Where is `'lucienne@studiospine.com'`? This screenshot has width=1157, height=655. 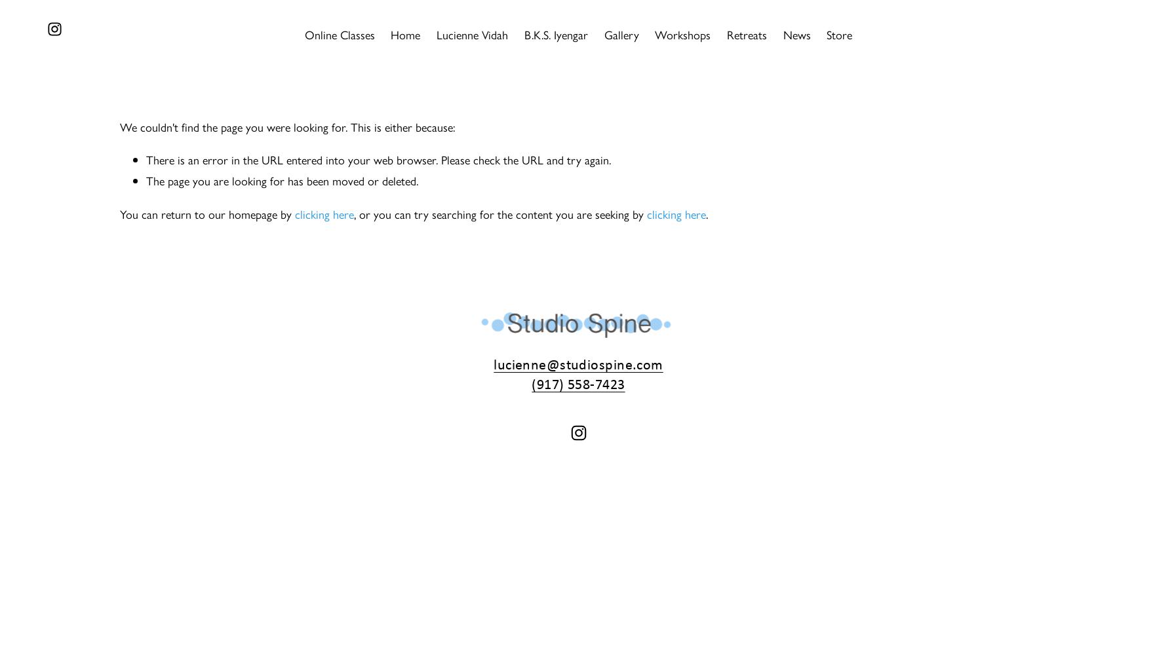 'lucienne@studiospine.com' is located at coordinates (577, 364).